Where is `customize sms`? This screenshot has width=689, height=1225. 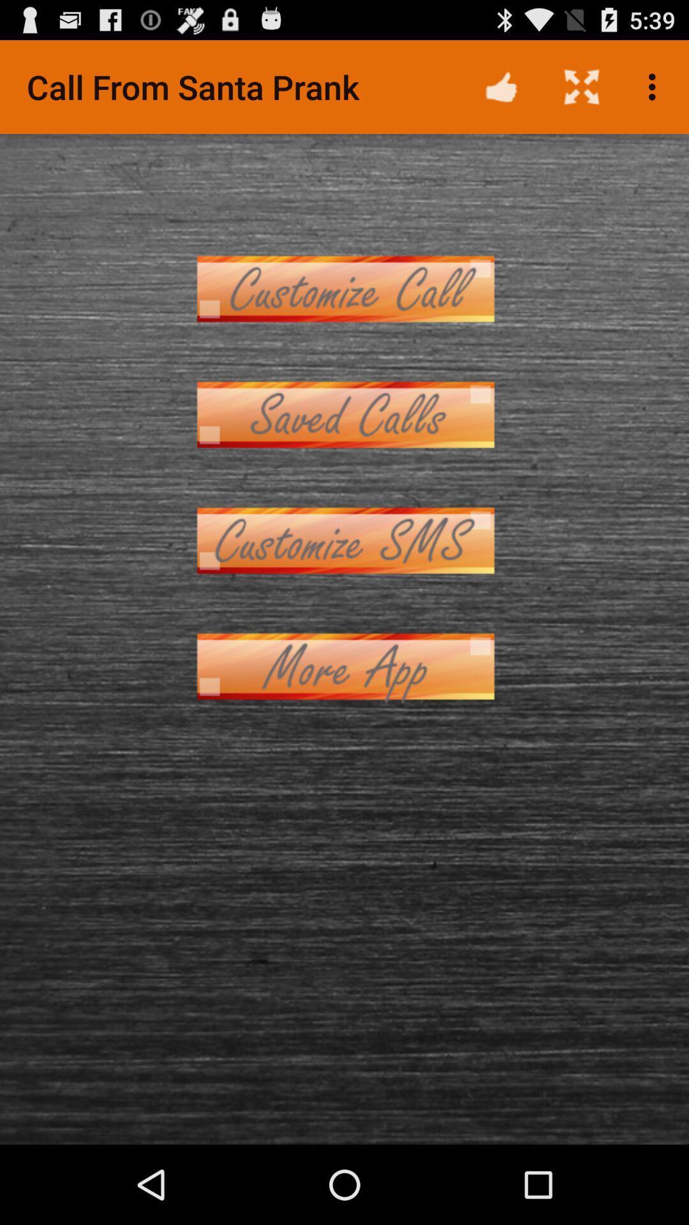
customize sms is located at coordinates (344, 540).